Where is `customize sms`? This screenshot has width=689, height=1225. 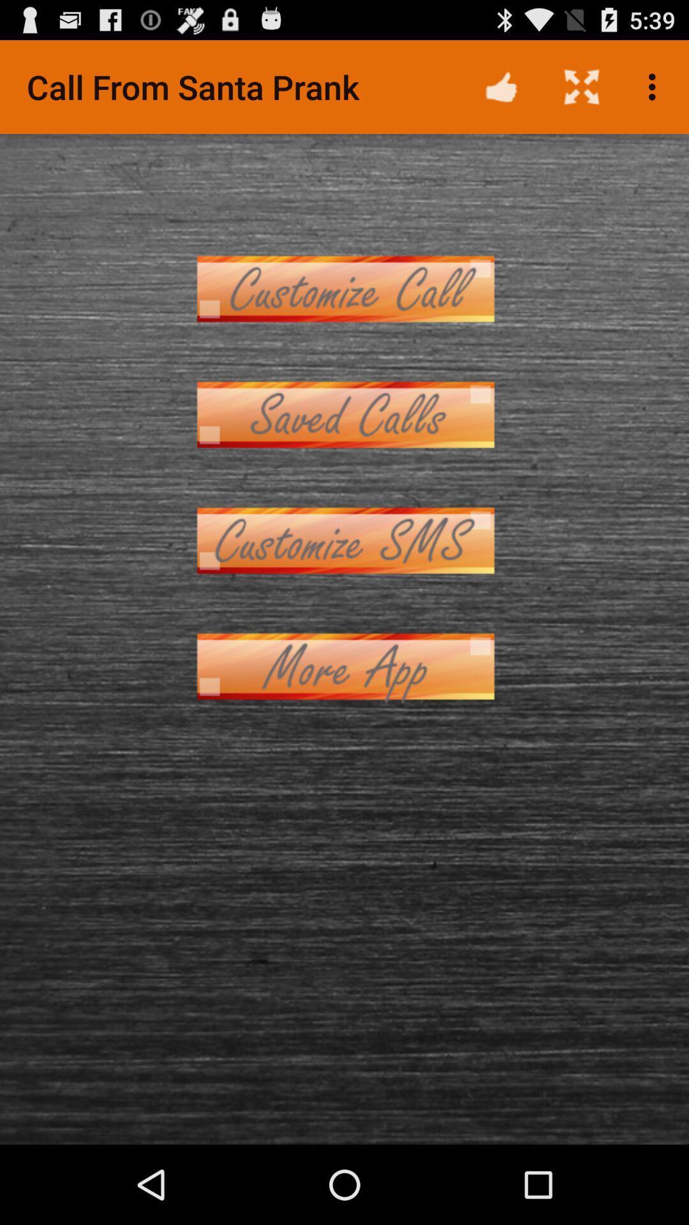
customize sms is located at coordinates (344, 540).